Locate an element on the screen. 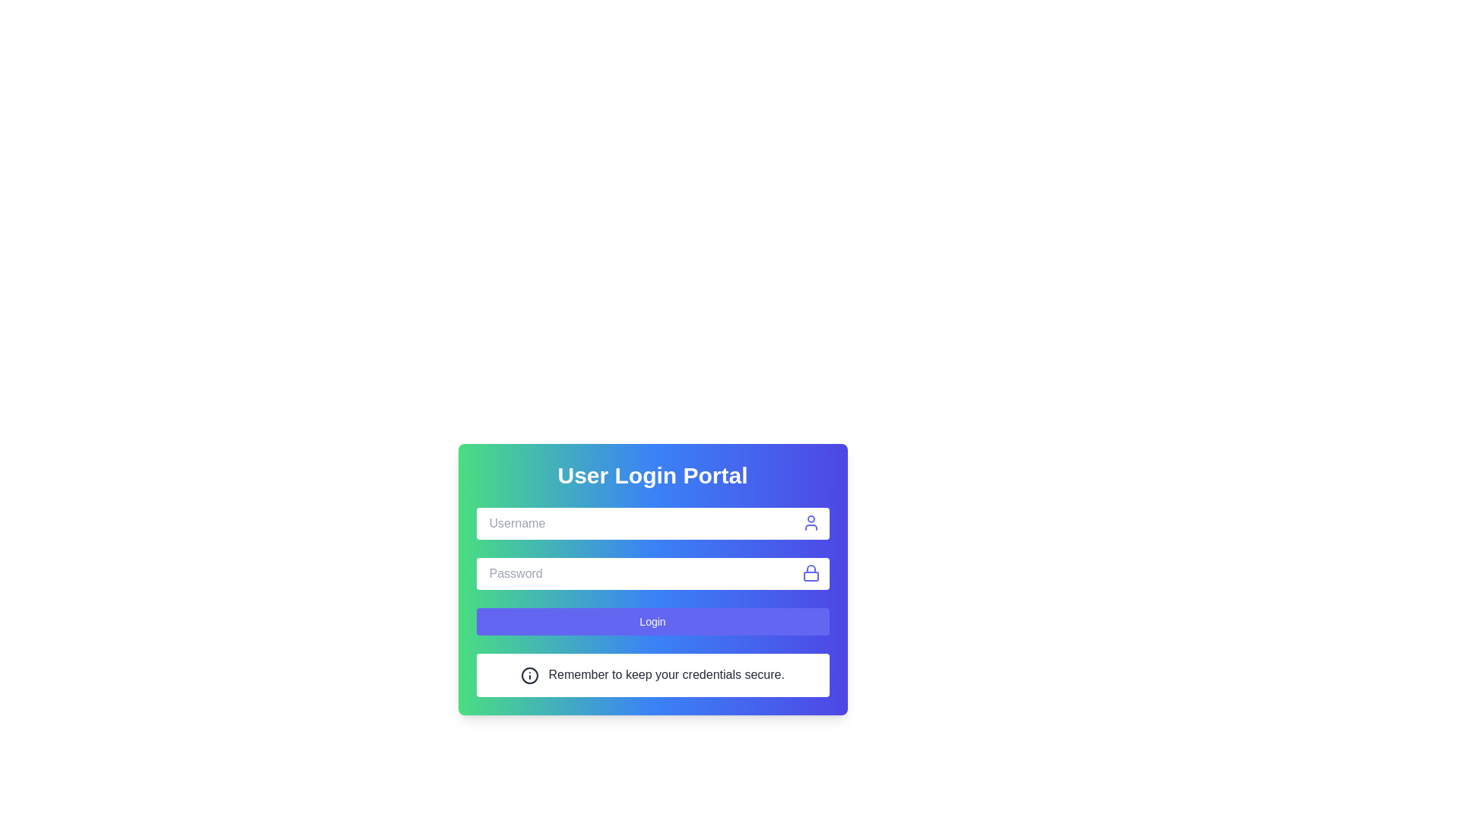  the 'Login' button, which is a rounded rectangular button with a vibrant indigo background that darkens on hover, located below the 'Password' field in the login interface is located at coordinates (652, 621).